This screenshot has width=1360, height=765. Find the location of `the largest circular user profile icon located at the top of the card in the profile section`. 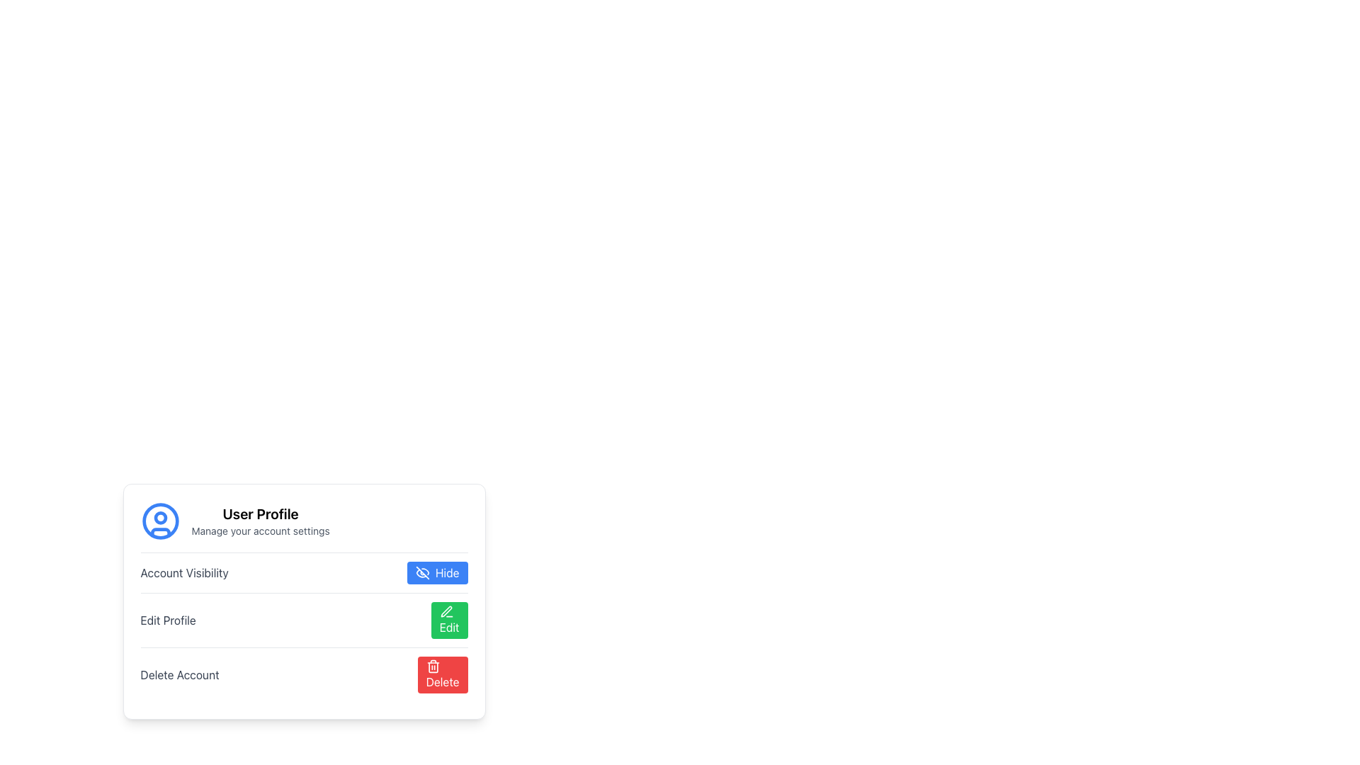

the largest circular user profile icon located at the top of the card in the profile section is located at coordinates (160, 521).